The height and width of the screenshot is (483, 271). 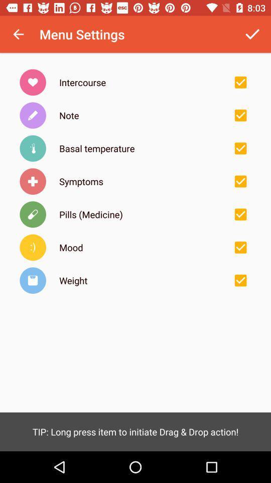 I want to click on symptoms, so click(x=240, y=181).